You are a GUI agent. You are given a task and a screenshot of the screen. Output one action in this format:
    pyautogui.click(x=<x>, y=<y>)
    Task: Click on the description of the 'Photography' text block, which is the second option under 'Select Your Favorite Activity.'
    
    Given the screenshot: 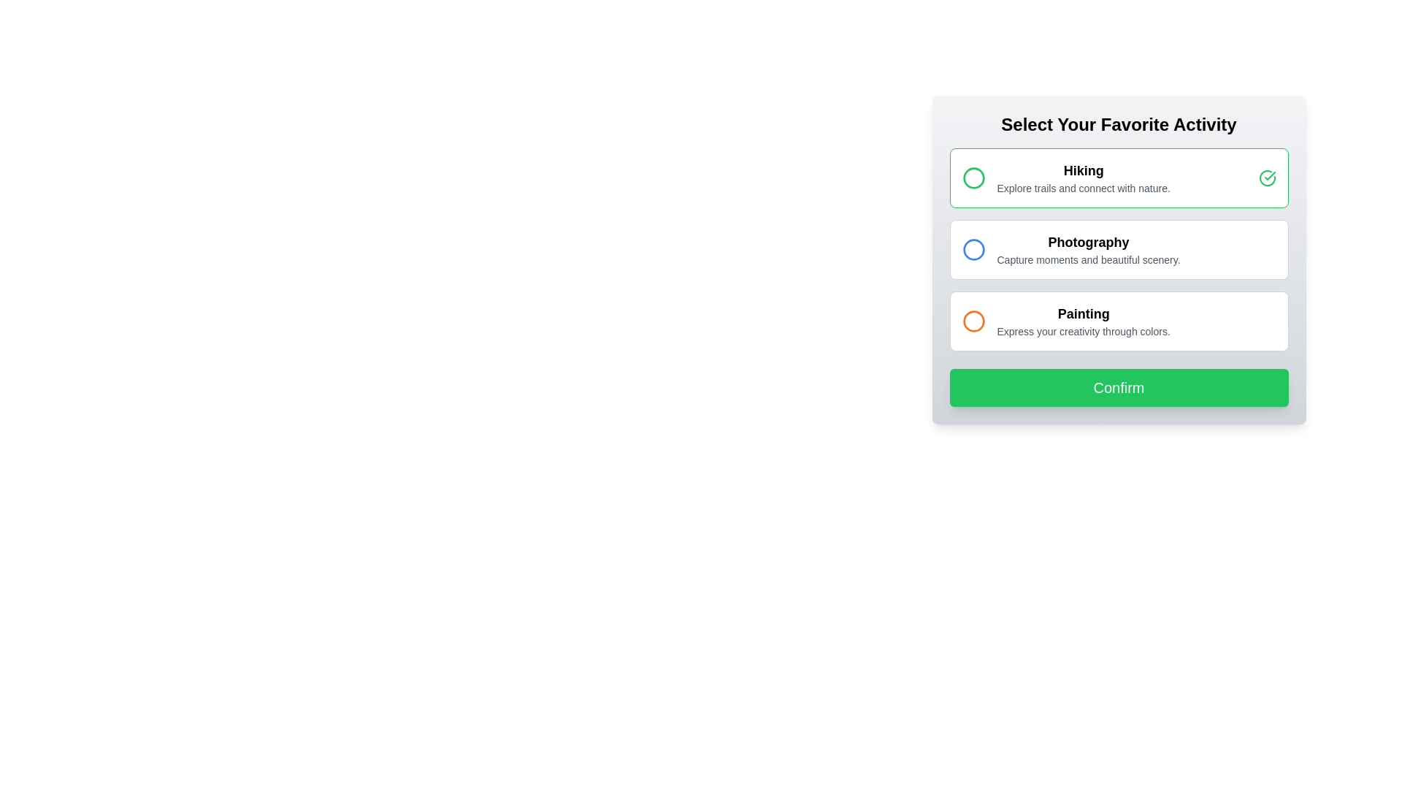 What is the action you would take?
    pyautogui.click(x=1089, y=249)
    